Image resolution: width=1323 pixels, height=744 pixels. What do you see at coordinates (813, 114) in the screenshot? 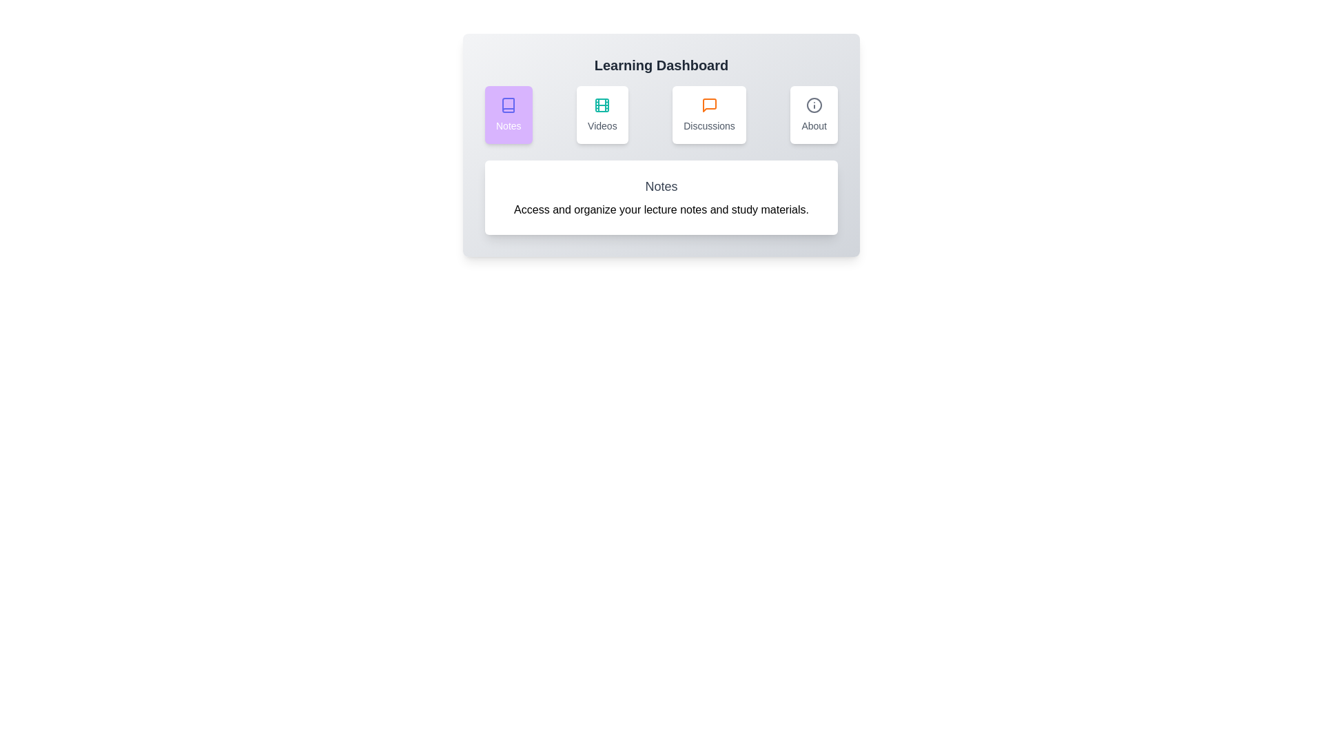
I see `the About tab by clicking on its corresponding button` at bounding box center [813, 114].